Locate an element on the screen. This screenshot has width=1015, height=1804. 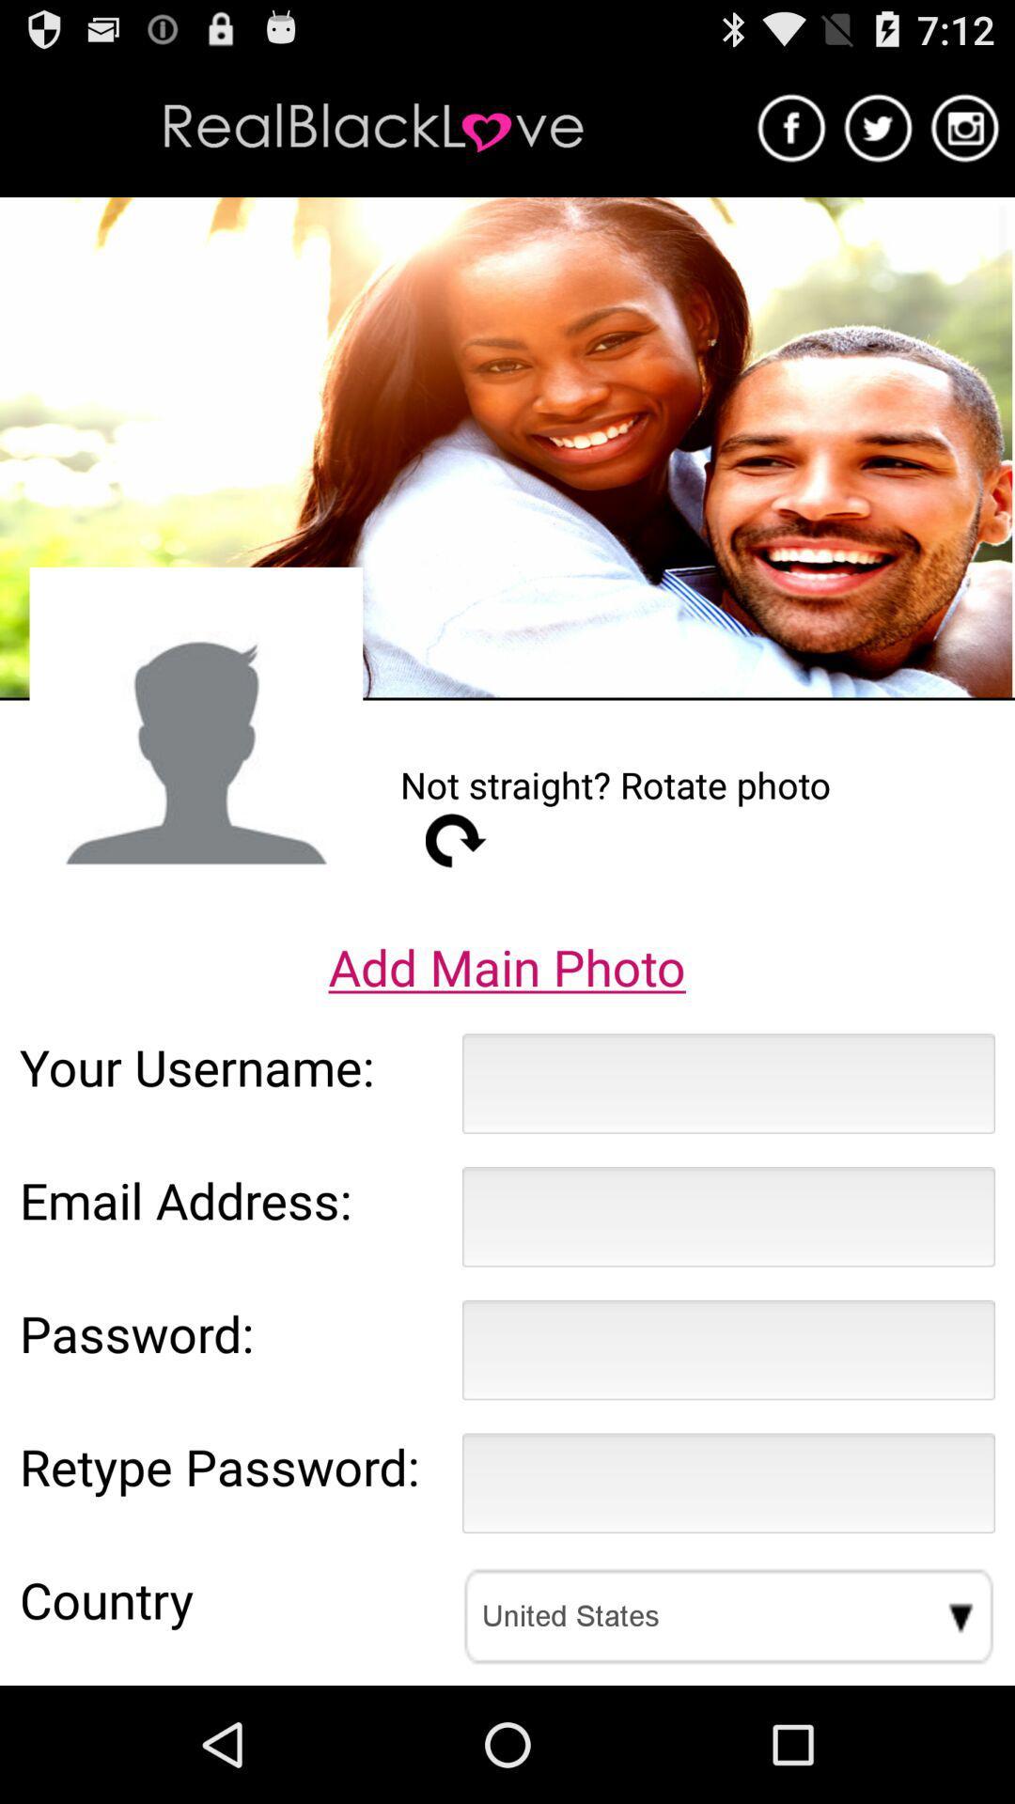
app above the add main photo item is located at coordinates (456, 839).